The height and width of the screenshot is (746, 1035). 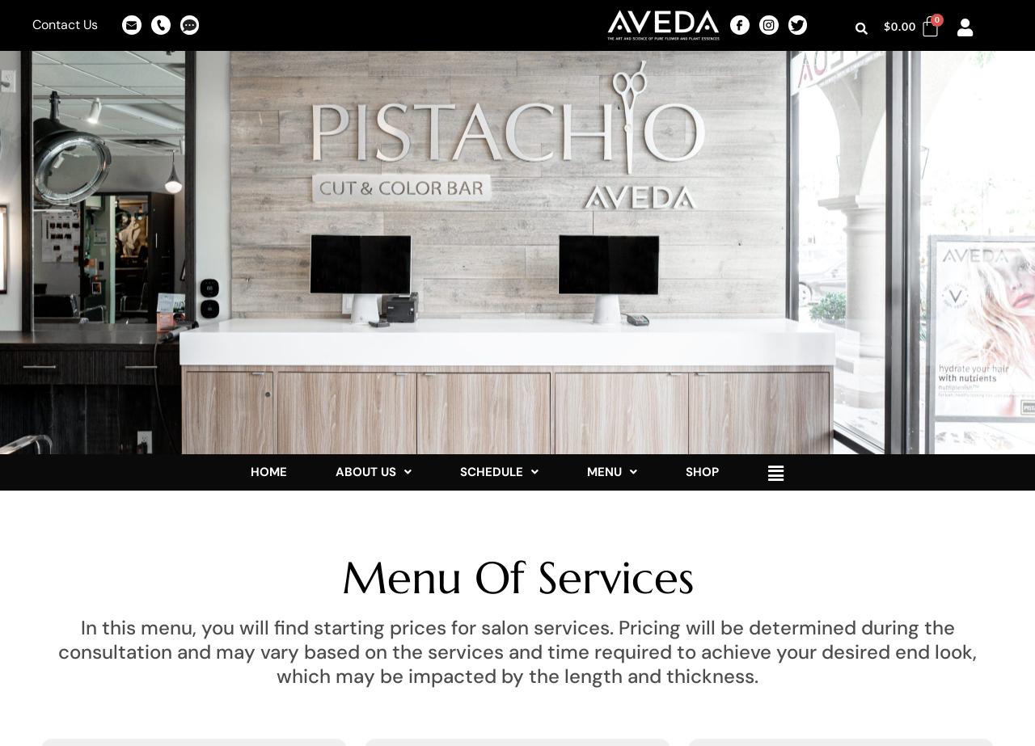 What do you see at coordinates (365, 470) in the screenshot?
I see `'ABOUT US'` at bounding box center [365, 470].